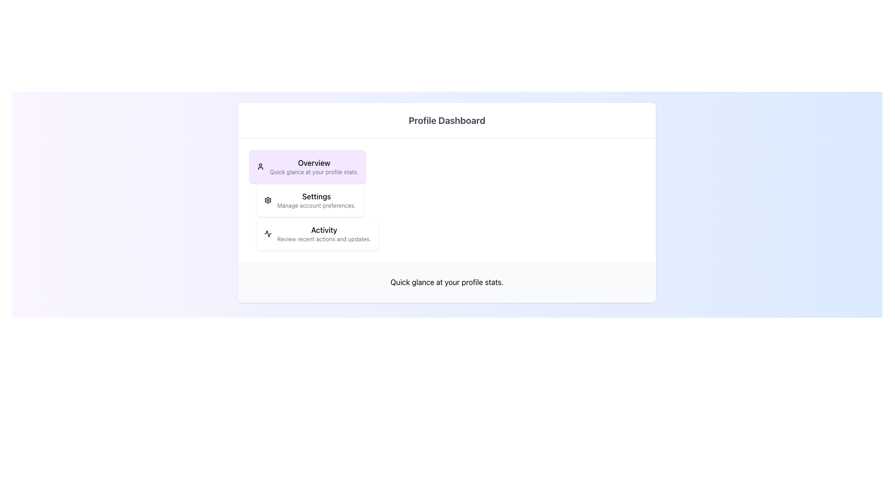 This screenshot has height=503, width=895. I want to click on the static text label for the Settings section, so click(317, 199).